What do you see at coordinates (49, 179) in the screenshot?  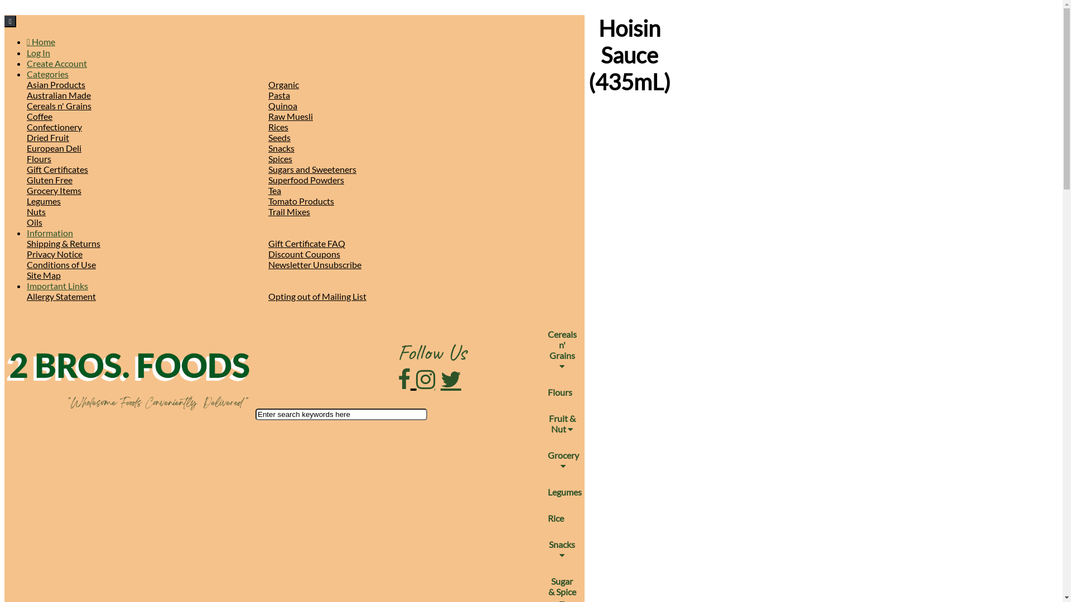 I see `'Gluten Free'` at bounding box center [49, 179].